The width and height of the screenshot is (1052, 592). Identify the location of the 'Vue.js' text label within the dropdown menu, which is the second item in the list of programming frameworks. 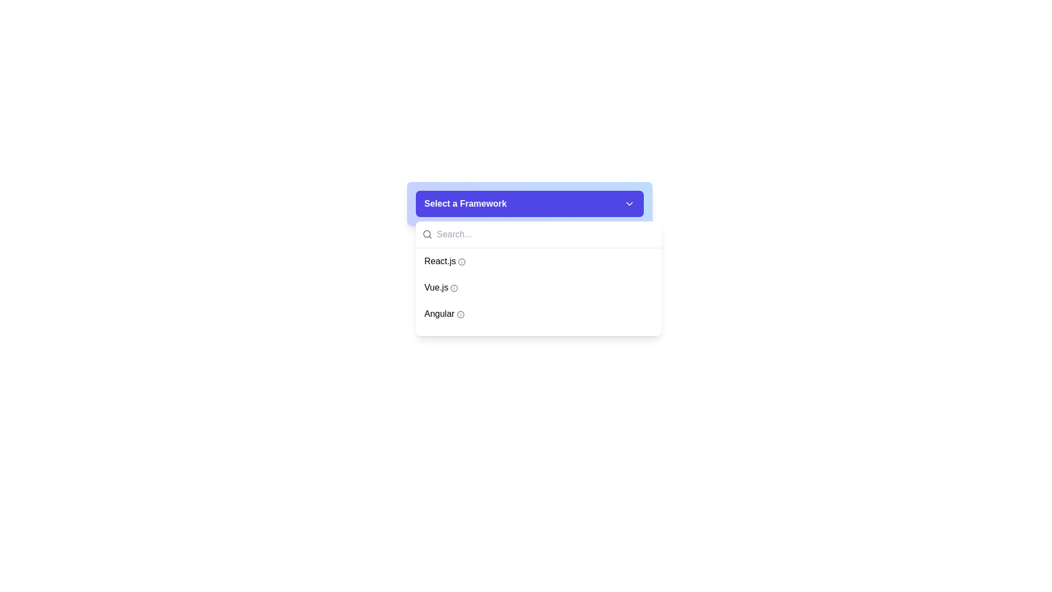
(441, 287).